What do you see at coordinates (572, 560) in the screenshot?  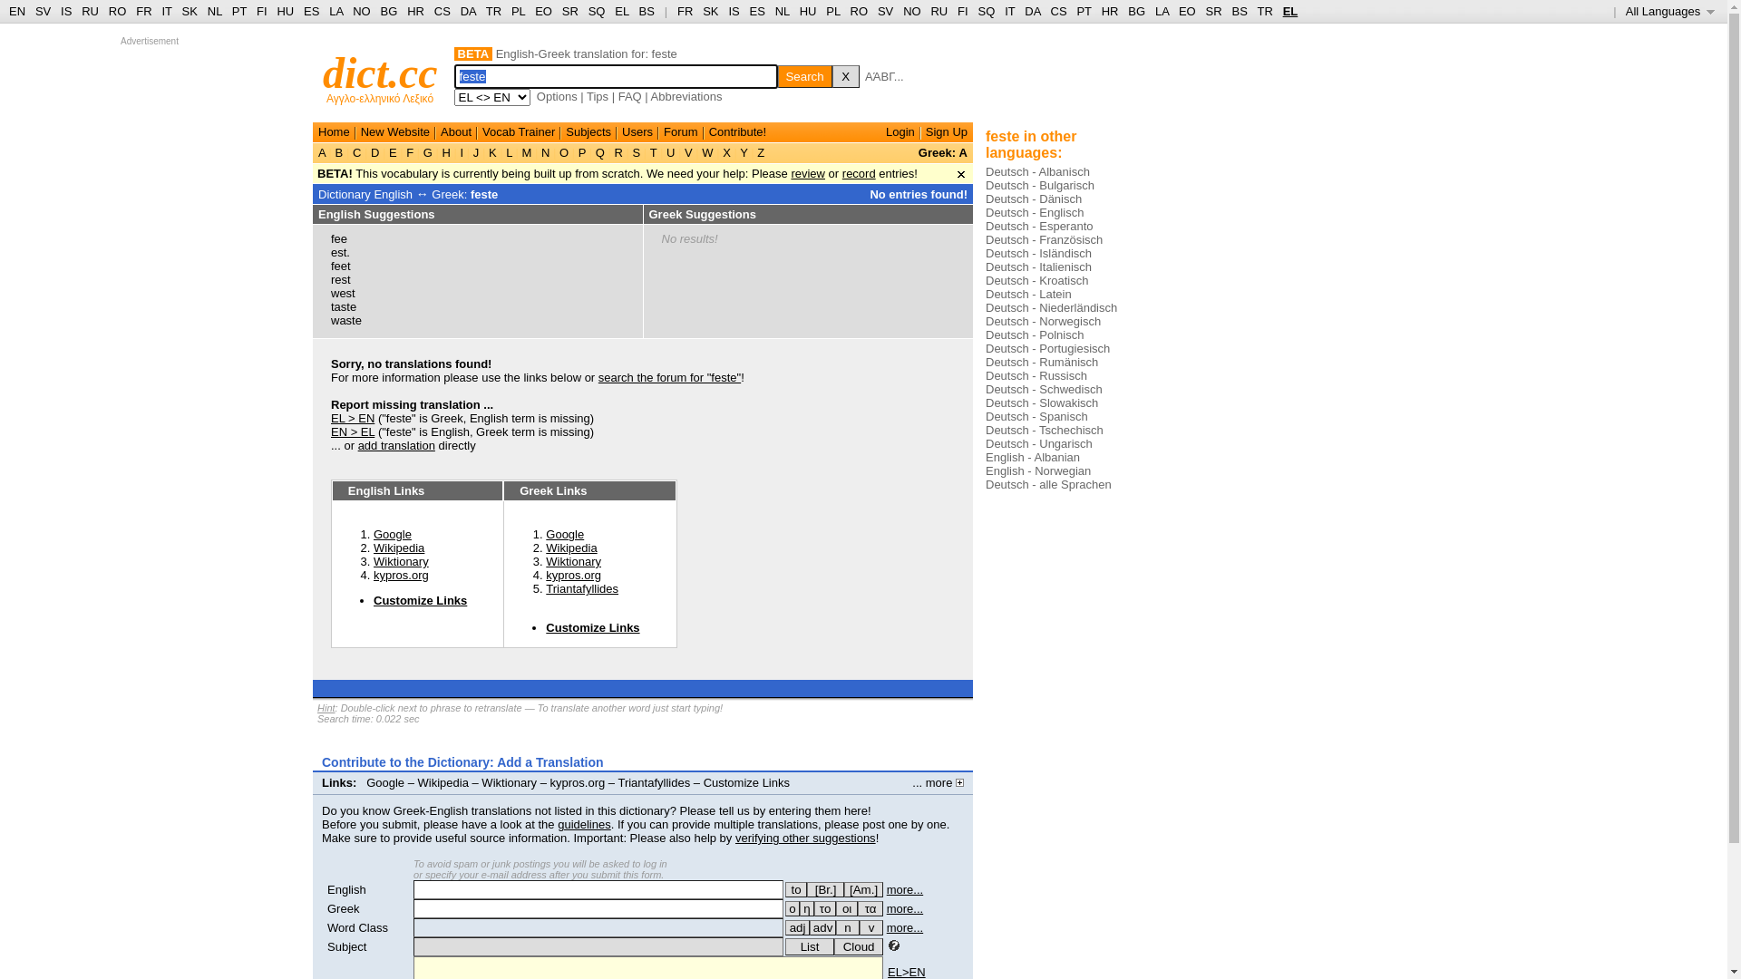 I see `'Wiktionary'` at bounding box center [572, 560].